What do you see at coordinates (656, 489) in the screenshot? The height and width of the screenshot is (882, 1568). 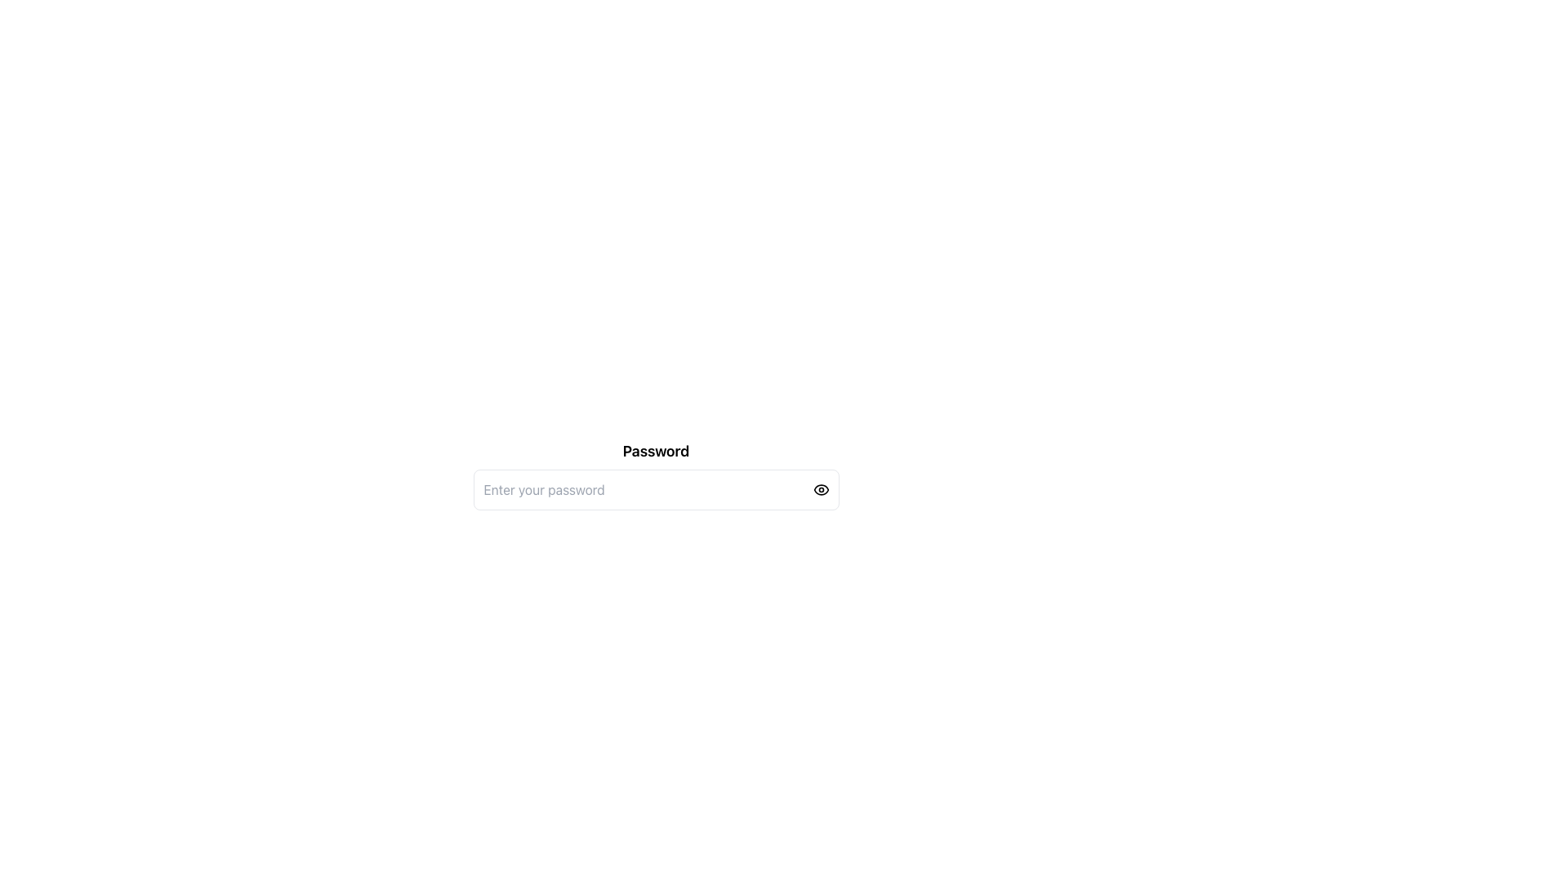 I see `the password input field located below the 'Password' title` at bounding box center [656, 489].